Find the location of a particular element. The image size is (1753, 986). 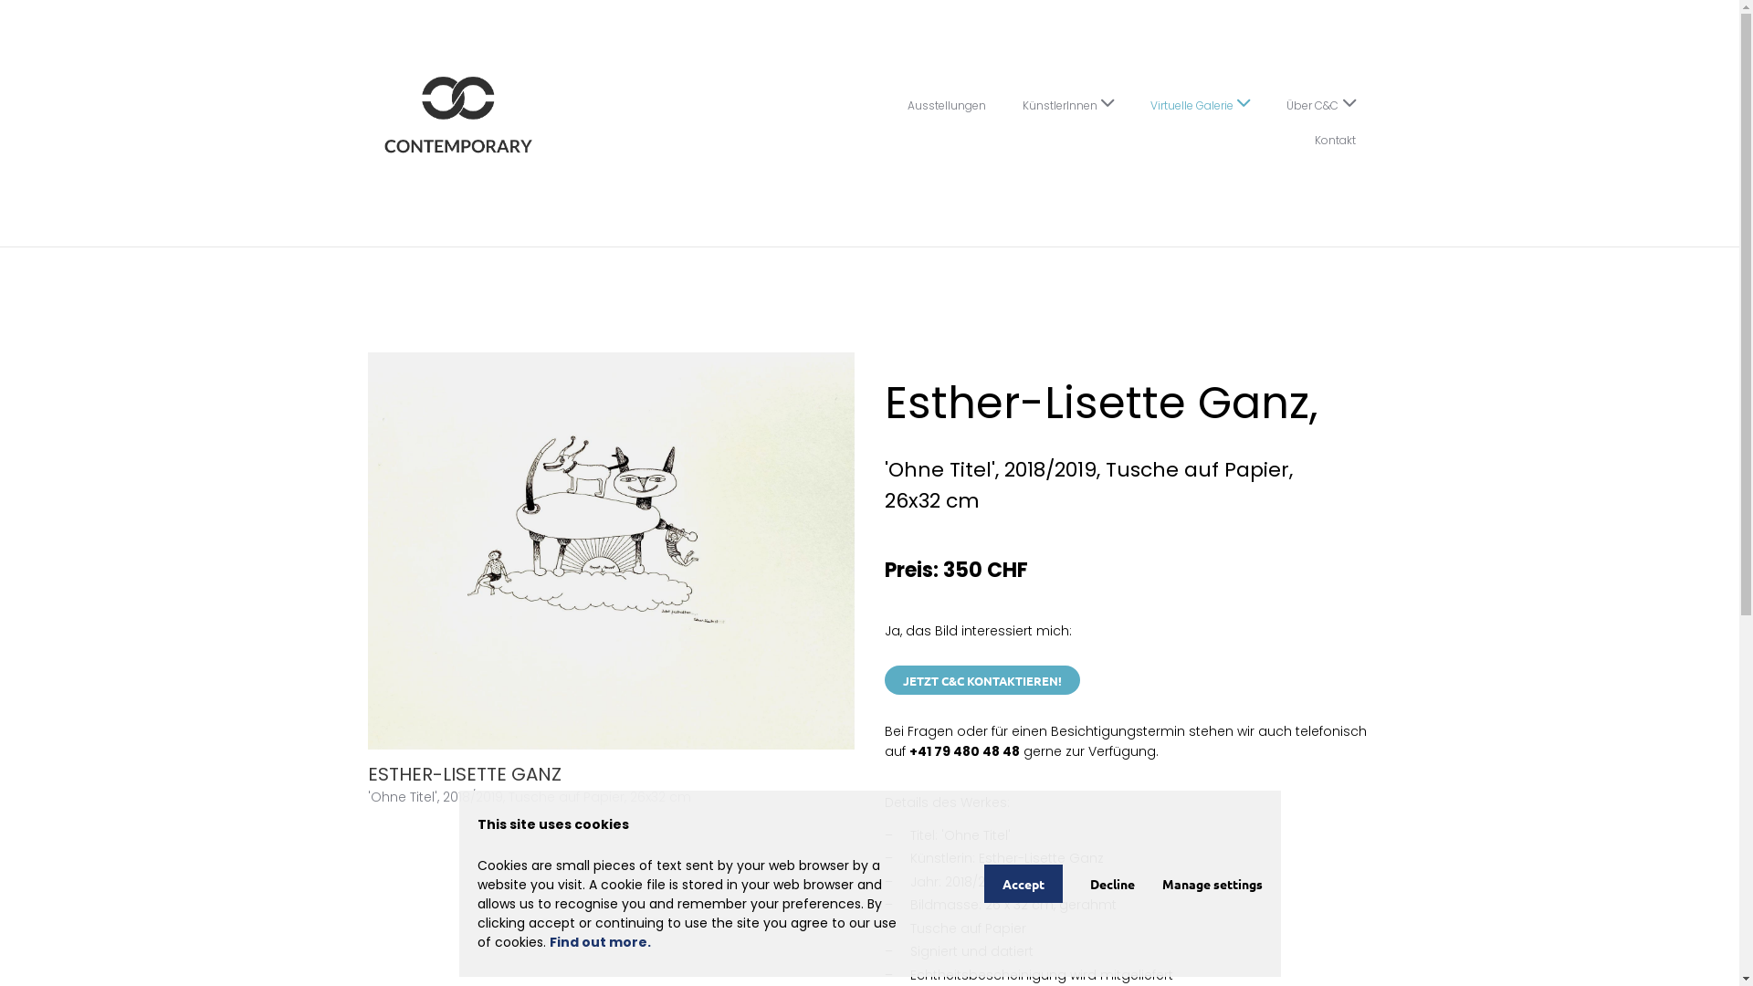

'ESTHER-LISETTE GANZ' is located at coordinates (610, 550).